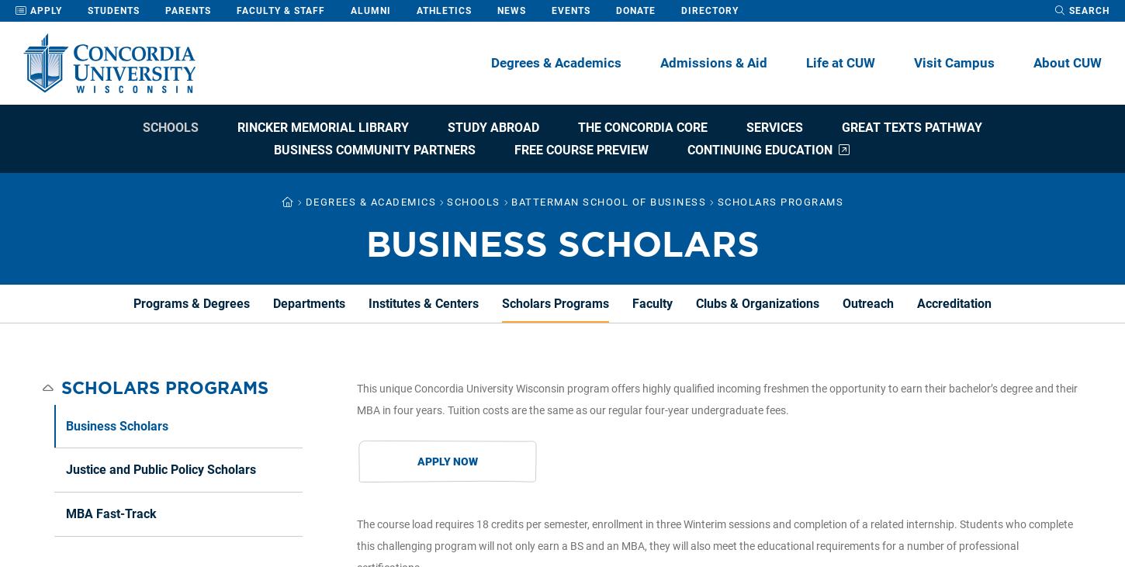 The width and height of the screenshot is (1125, 567). Describe the element at coordinates (635, 10) in the screenshot. I see `'Donate'` at that location.